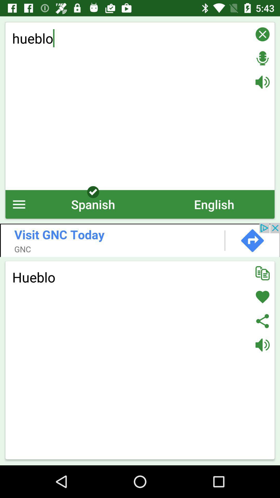  I want to click on item above hueblo, so click(140, 240).